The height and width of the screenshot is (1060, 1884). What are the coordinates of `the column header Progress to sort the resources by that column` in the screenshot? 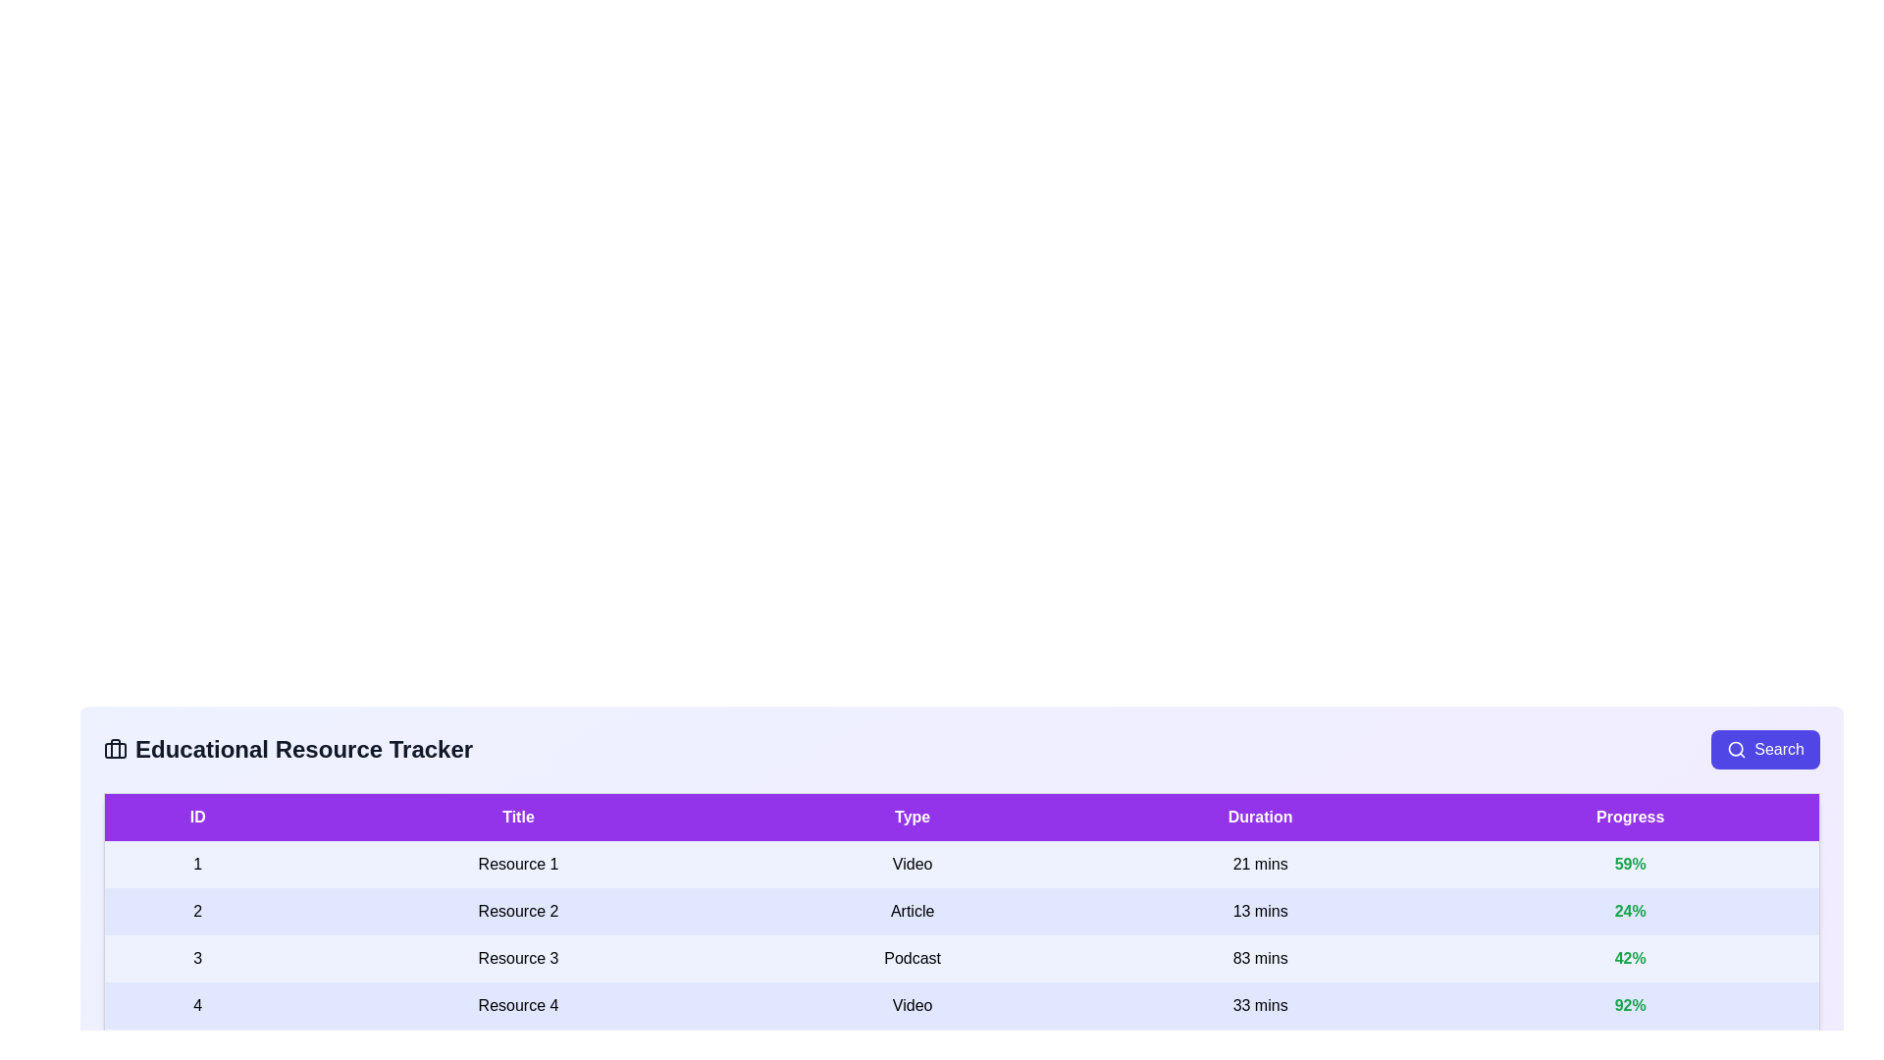 It's located at (1630, 817).